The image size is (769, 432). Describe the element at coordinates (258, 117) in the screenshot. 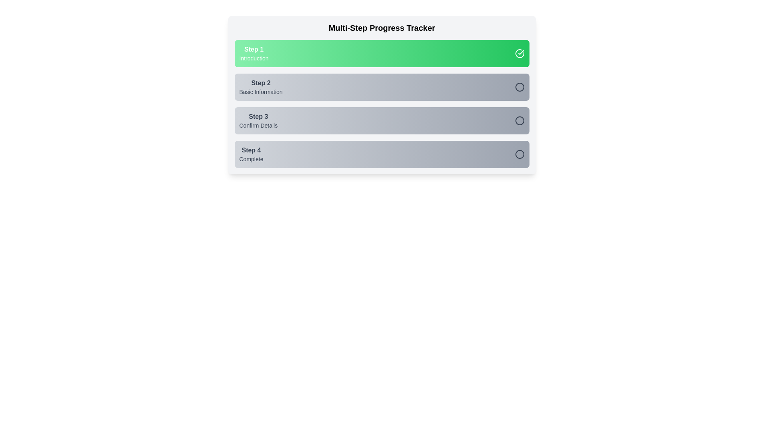

I see `the label indicating 'Step 3' in the multi-step progress tracker located above 'Confirm Details'` at that location.